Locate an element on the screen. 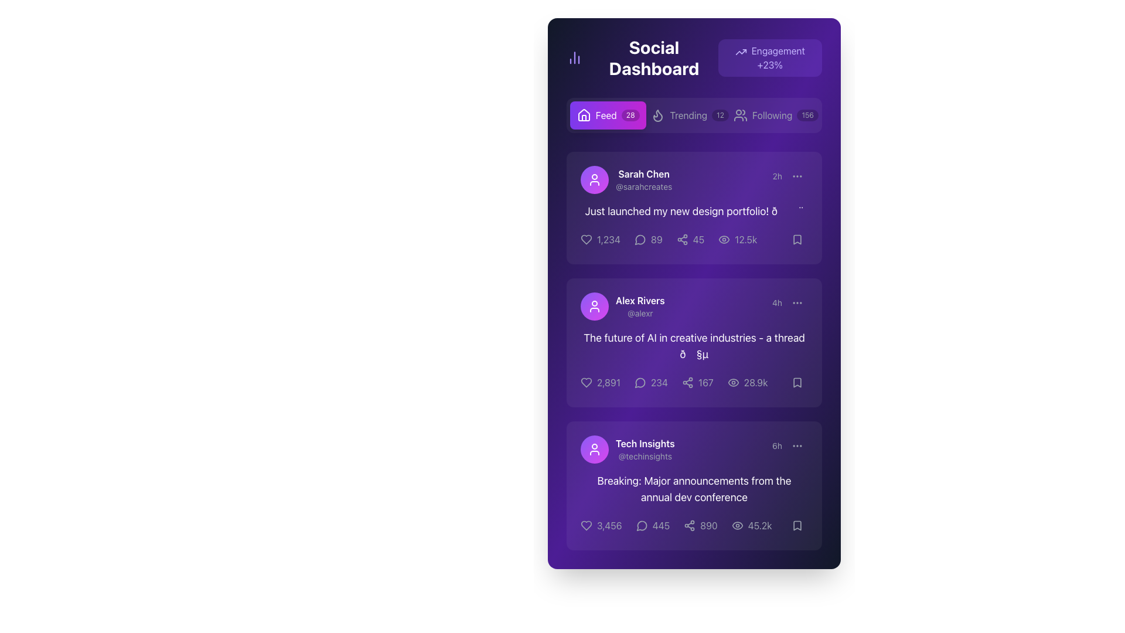  the horizontal ellipsis icon in the upper-right corner of the second content card for the social media post by 'Alex Rivers' is located at coordinates (797, 302).